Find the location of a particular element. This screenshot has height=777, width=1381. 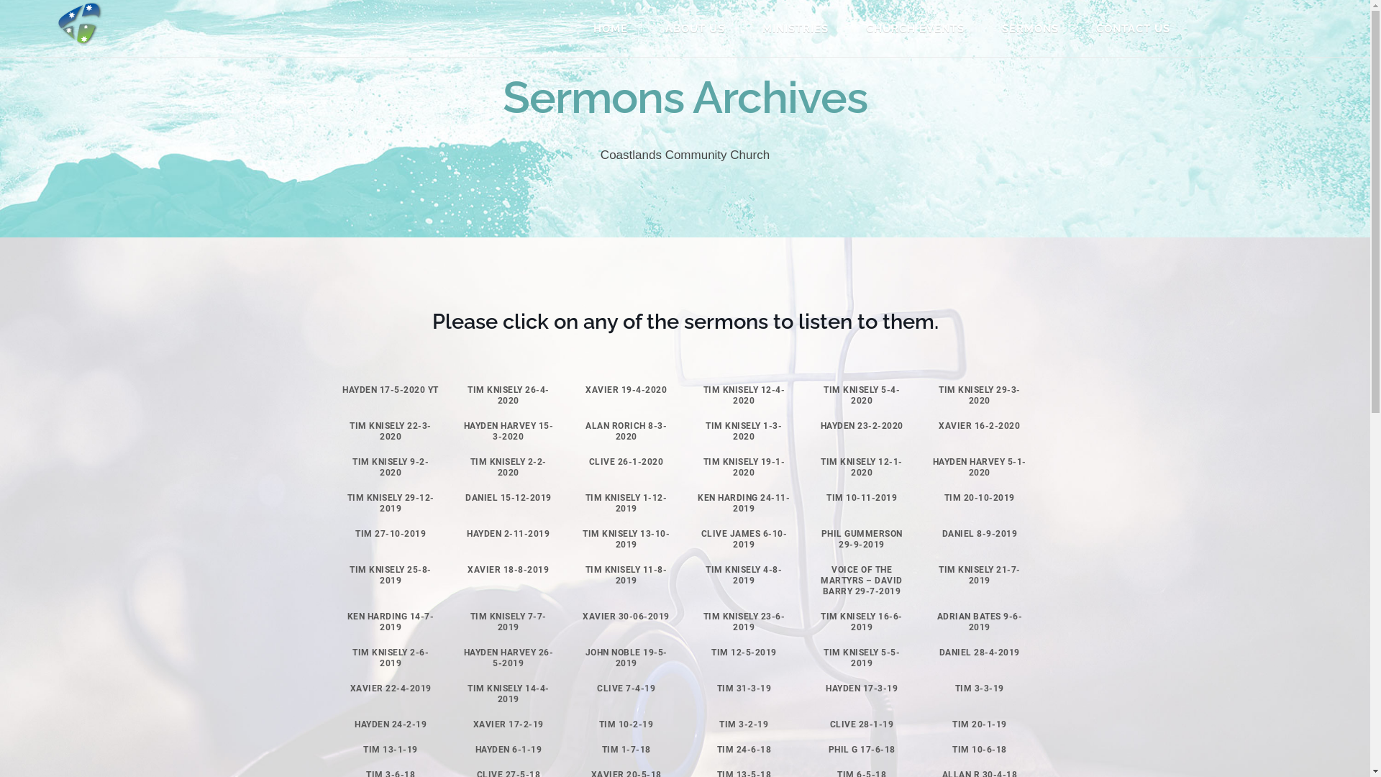

'TIM KNISELY 4-8-2019' is located at coordinates (743, 574).